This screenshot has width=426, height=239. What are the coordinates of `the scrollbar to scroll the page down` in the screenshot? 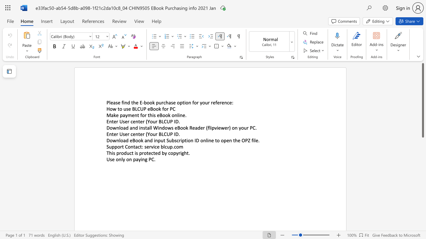 It's located at (422, 212).